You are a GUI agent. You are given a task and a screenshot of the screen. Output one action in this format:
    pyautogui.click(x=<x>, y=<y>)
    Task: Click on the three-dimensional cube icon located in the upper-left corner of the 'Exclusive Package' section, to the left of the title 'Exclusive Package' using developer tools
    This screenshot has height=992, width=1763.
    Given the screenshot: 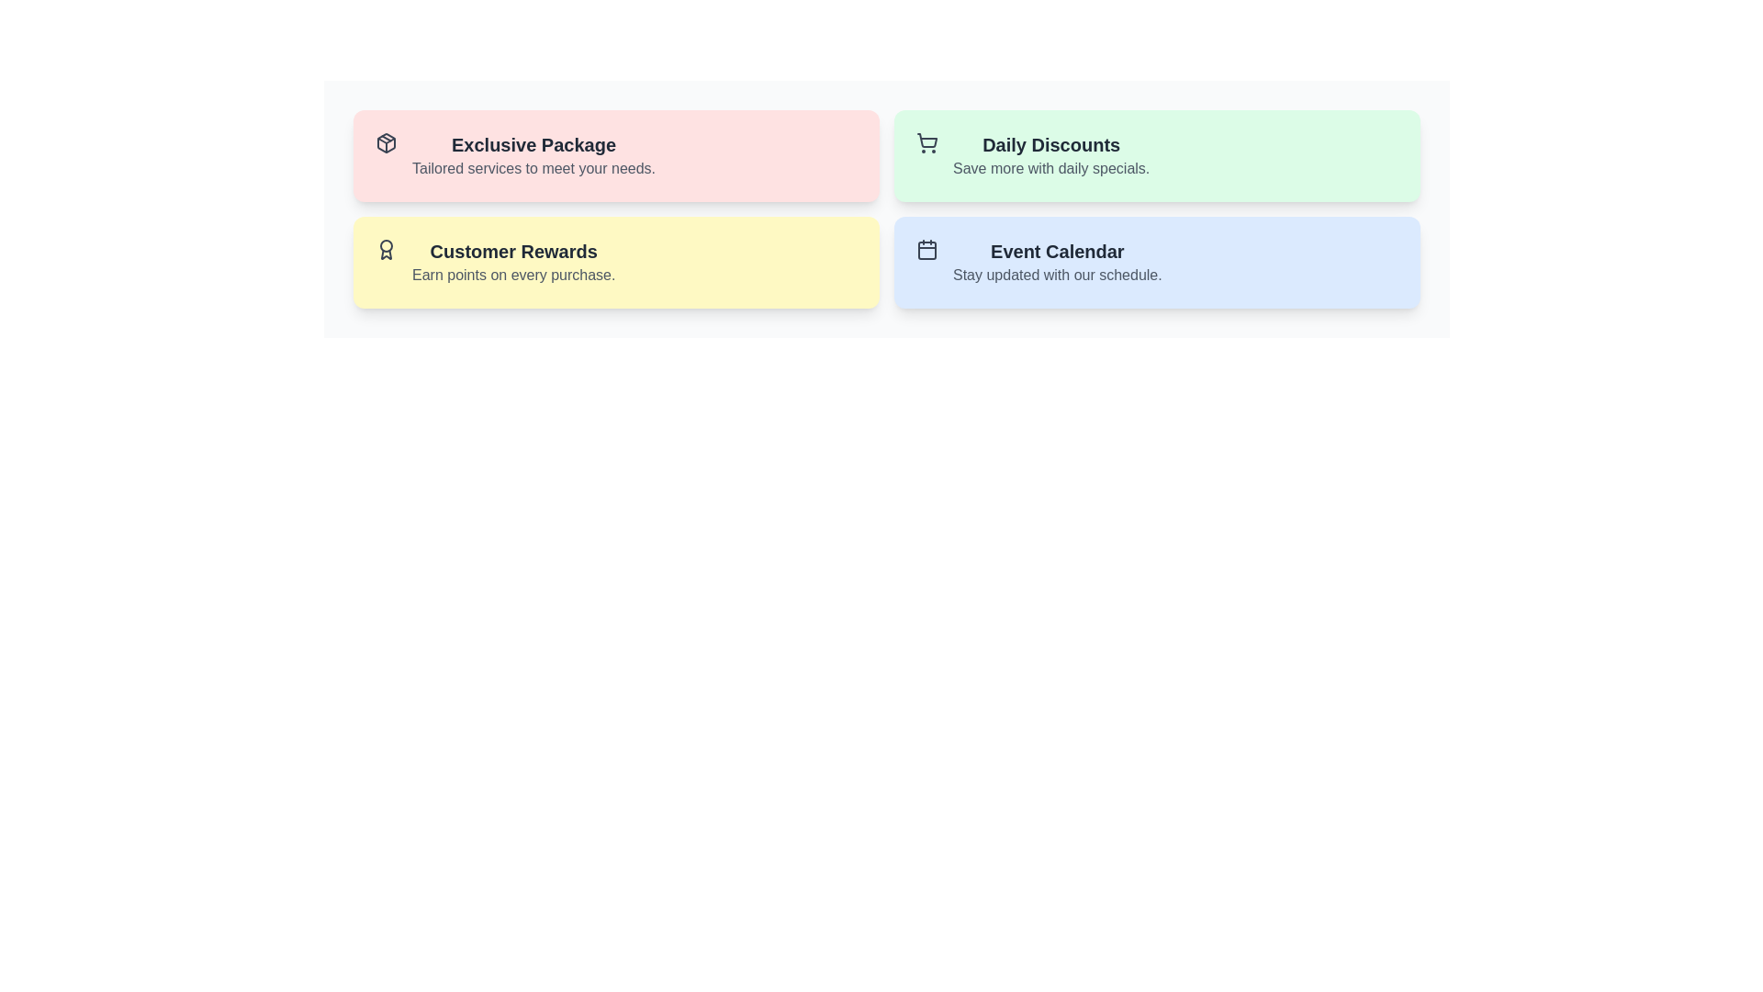 What is the action you would take?
    pyautogui.click(x=386, y=141)
    